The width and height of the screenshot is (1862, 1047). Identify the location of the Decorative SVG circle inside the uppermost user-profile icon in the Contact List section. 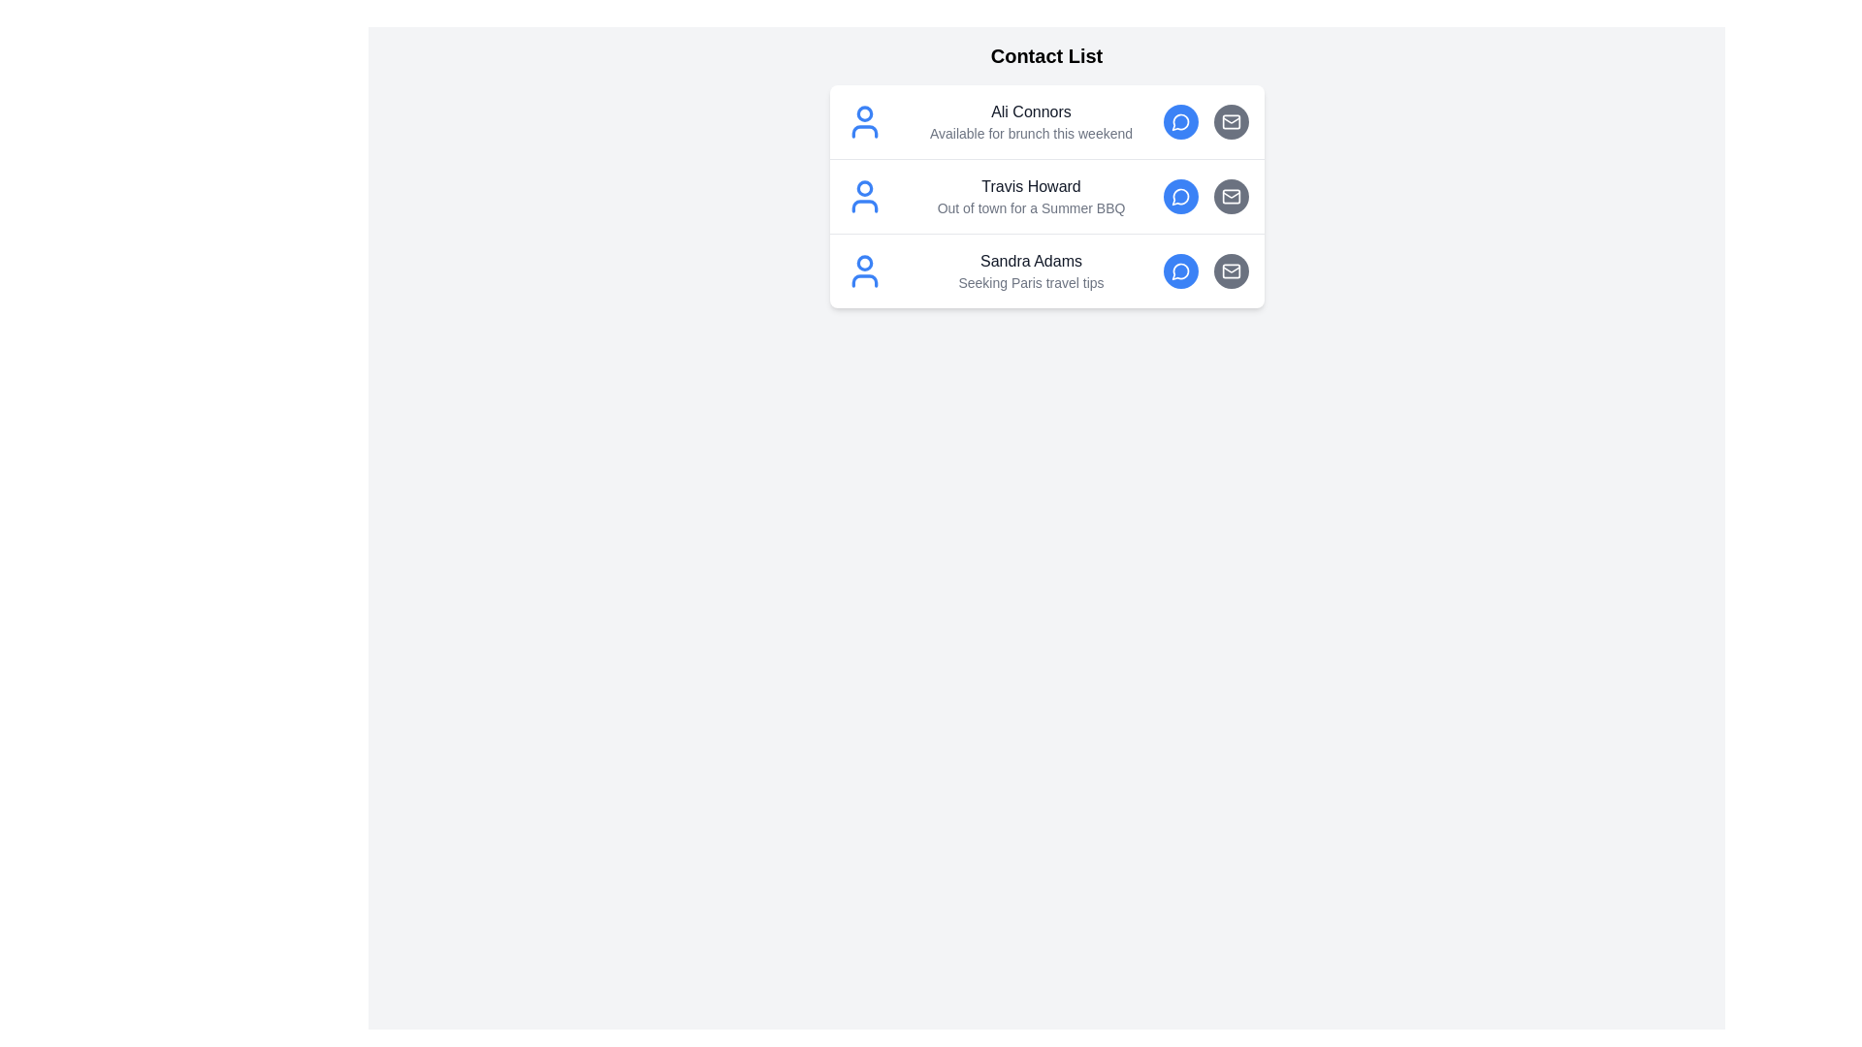
(863, 113).